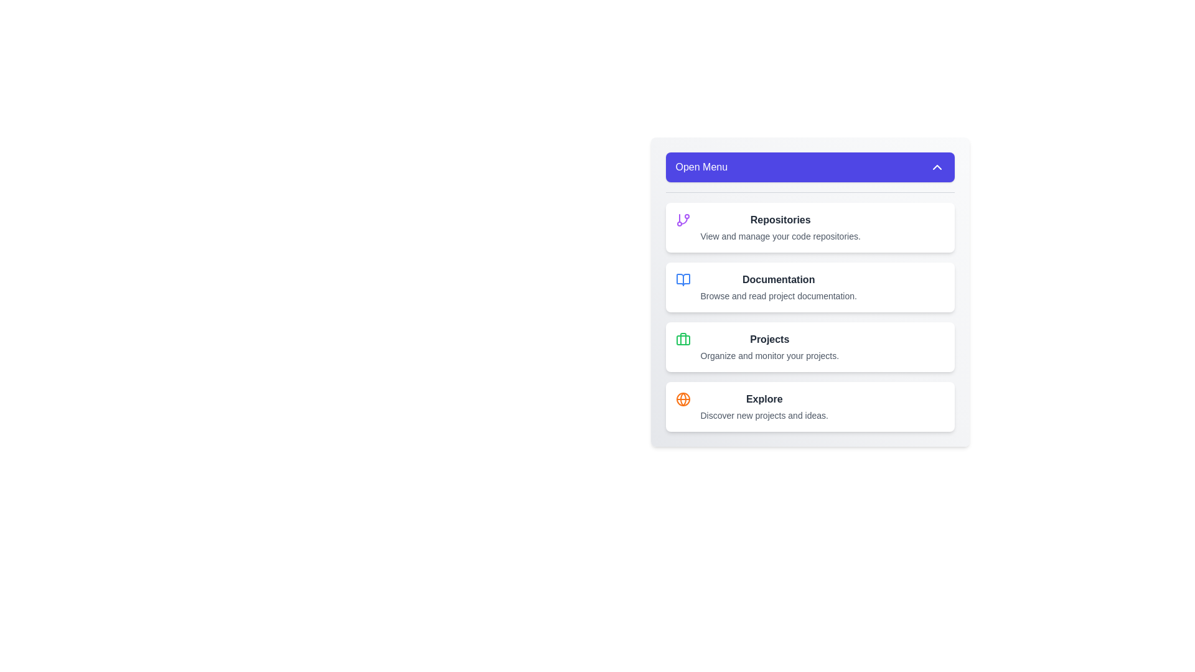 Image resolution: width=1195 pixels, height=672 pixels. What do you see at coordinates (778, 296) in the screenshot?
I see `the static text element that displays 'Browse and read project documentation.' which is located beneath the 'Documentation' label` at bounding box center [778, 296].